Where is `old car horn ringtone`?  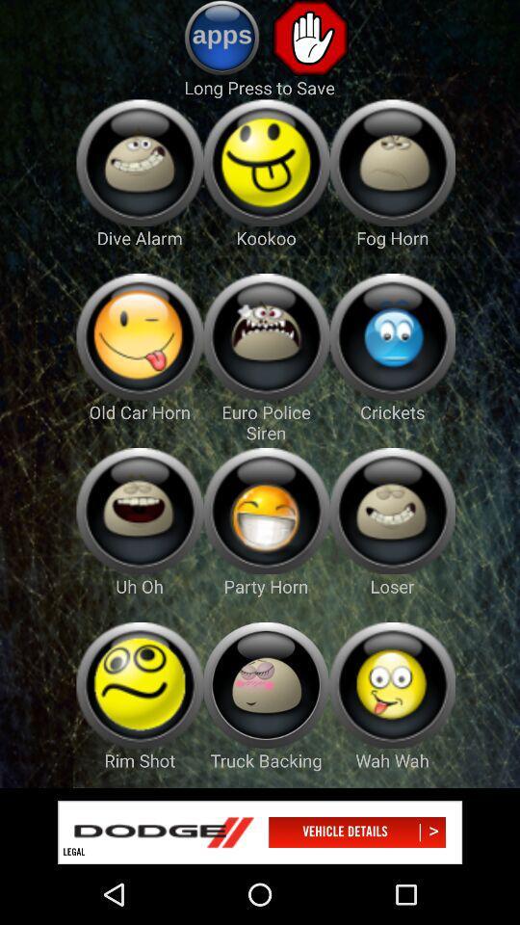 old car horn ringtone is located at coordinates (139, 336).